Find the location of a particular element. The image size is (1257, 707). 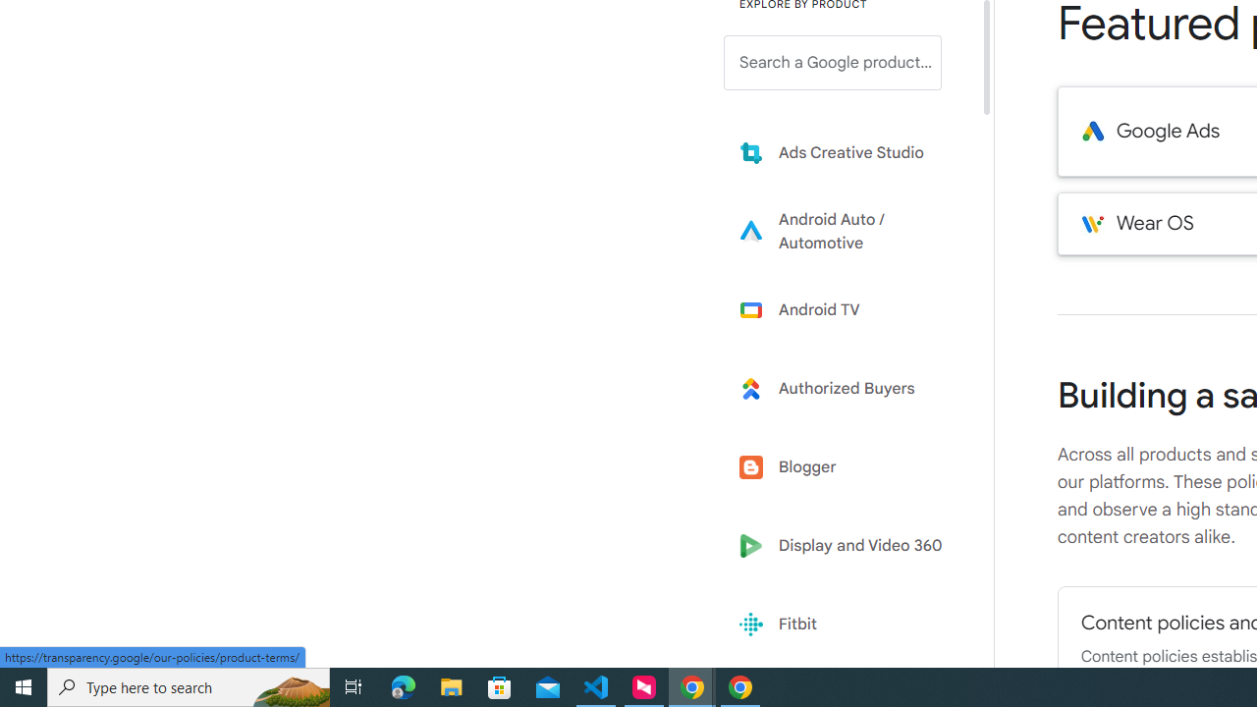

'Learn more about Android Auto' is located at coordinates (847, 230).